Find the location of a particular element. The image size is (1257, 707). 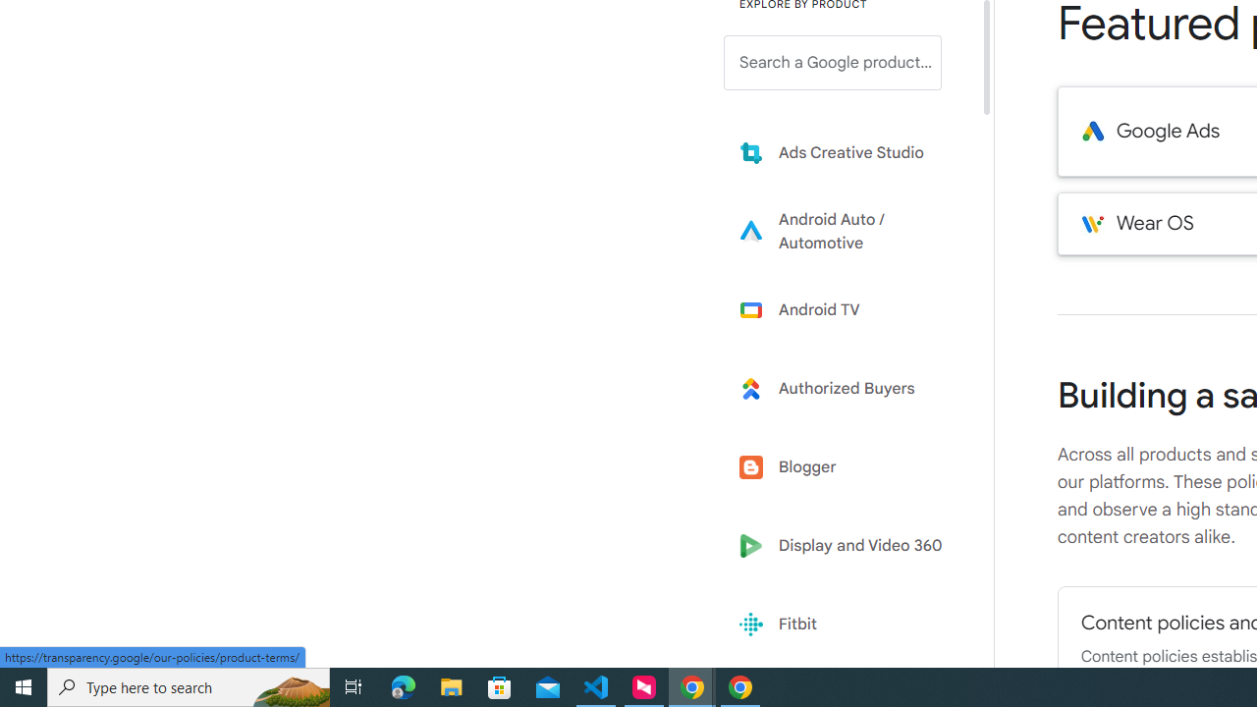

'Learn more about Android Auto' is located at coordinates (847, 230).